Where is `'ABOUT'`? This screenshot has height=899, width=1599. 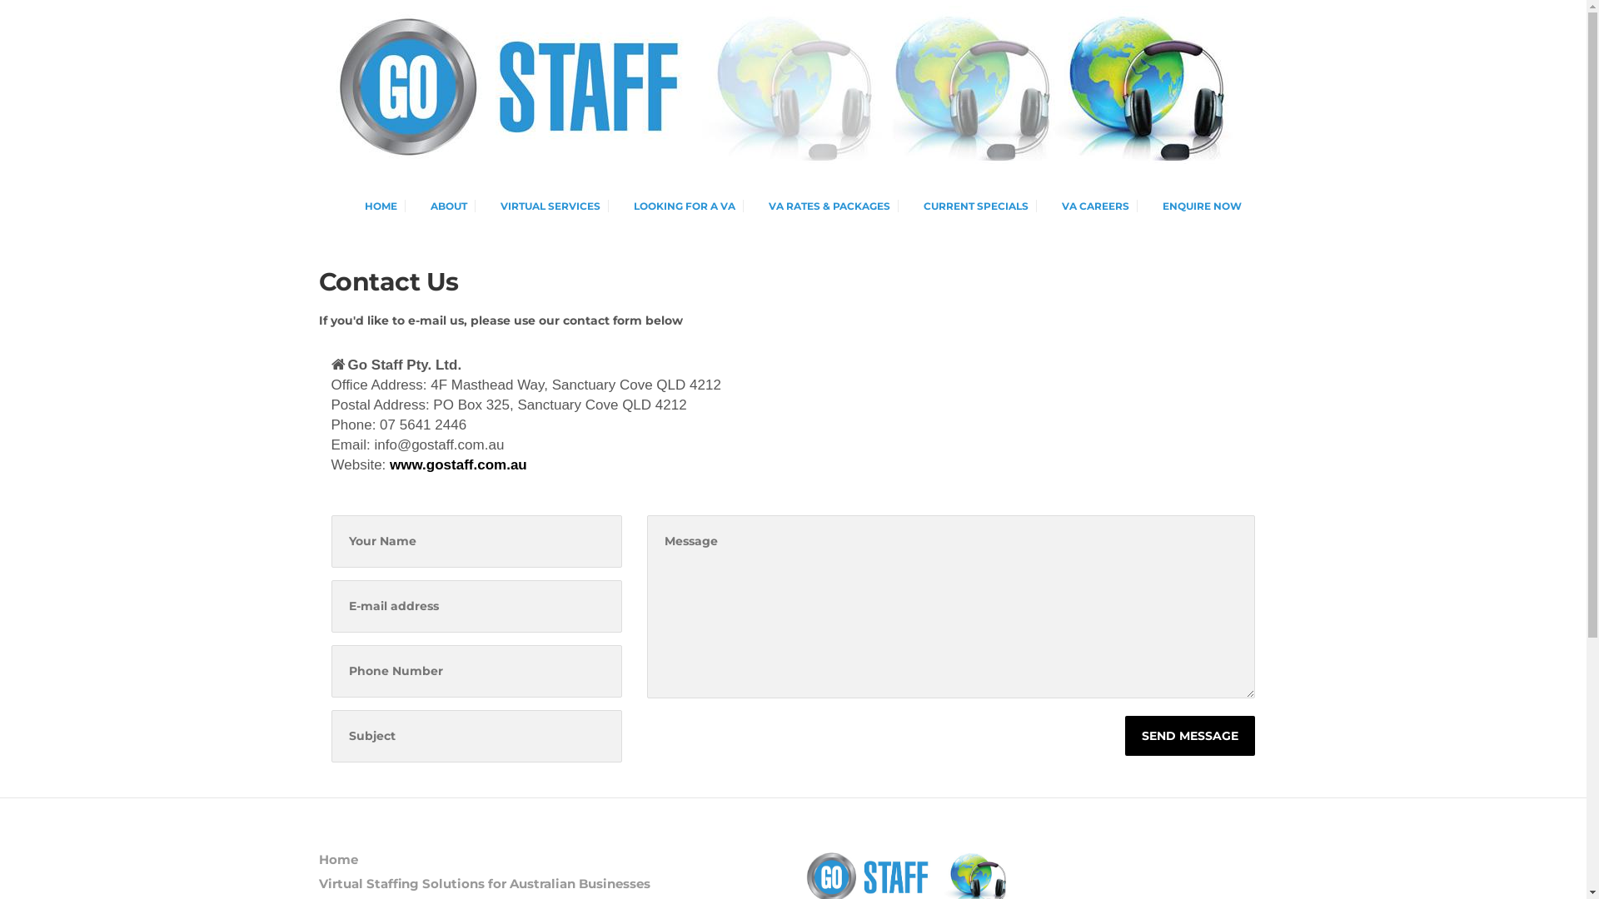 'ABOUT' is located at coordinates (440, 205).